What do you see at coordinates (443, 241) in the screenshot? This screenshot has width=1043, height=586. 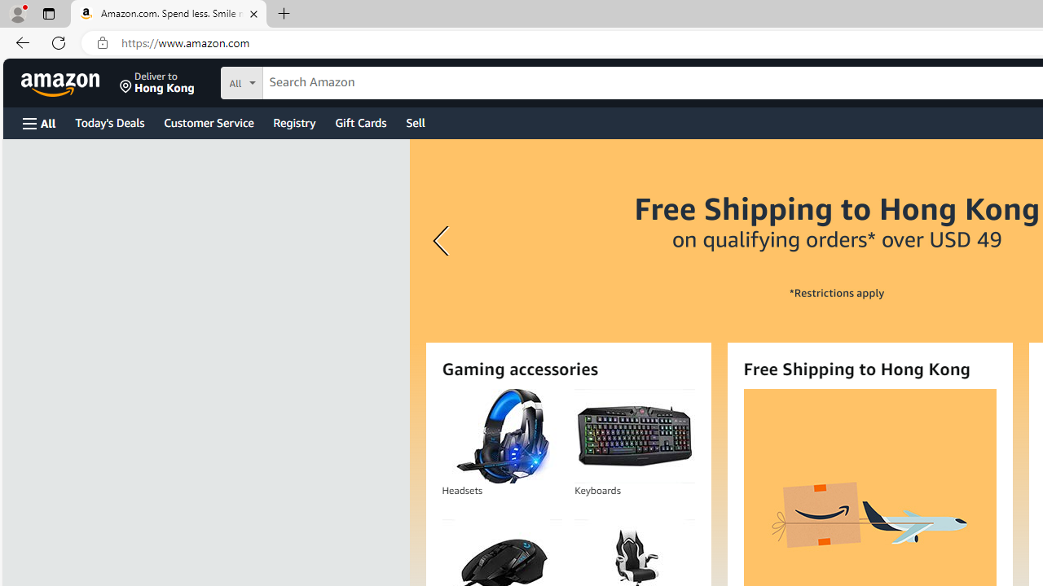 I see `'Previous slide'` at bounding box center [443, 241].